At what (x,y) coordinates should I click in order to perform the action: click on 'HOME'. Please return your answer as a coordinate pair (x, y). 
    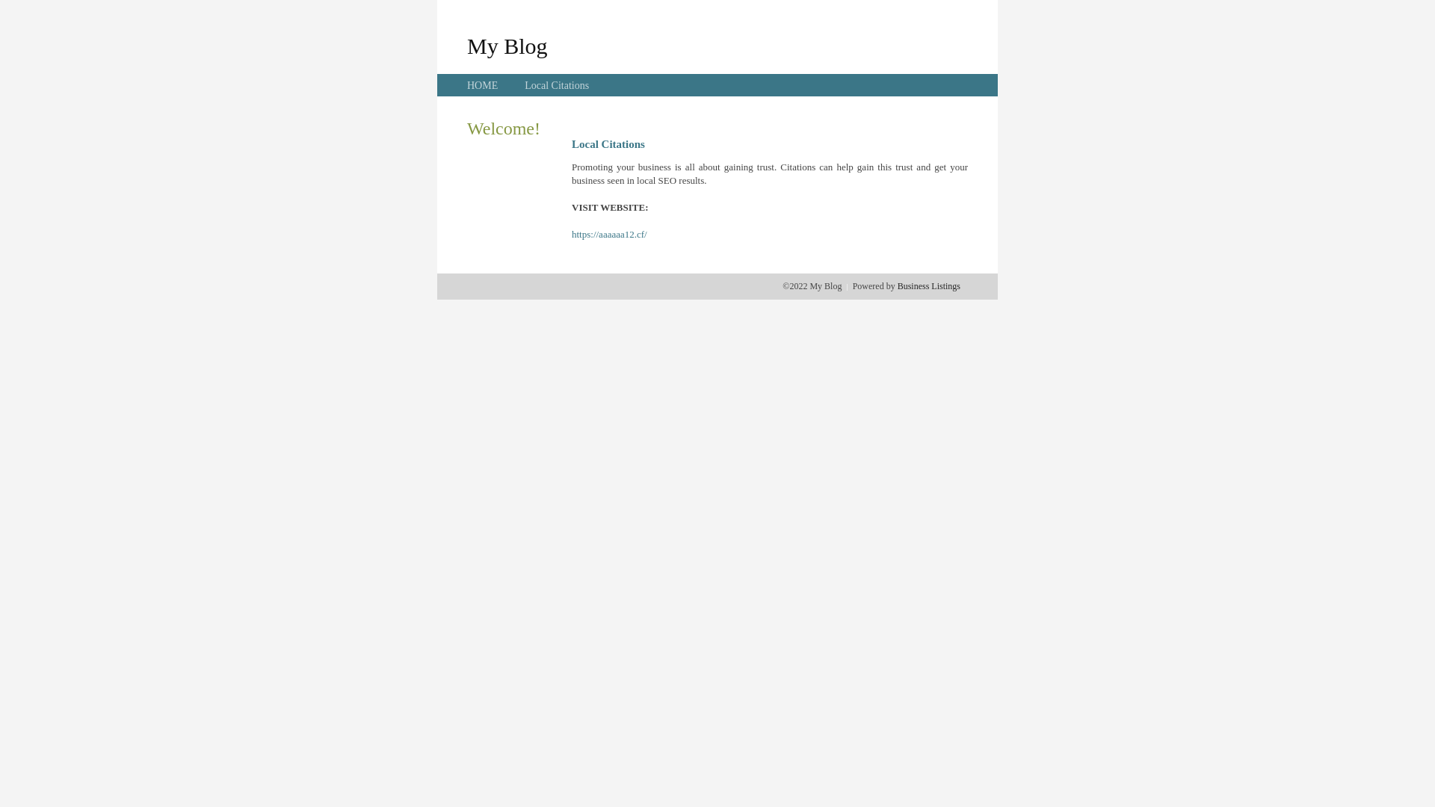
    Looking at the image, I should click on (482, 85).